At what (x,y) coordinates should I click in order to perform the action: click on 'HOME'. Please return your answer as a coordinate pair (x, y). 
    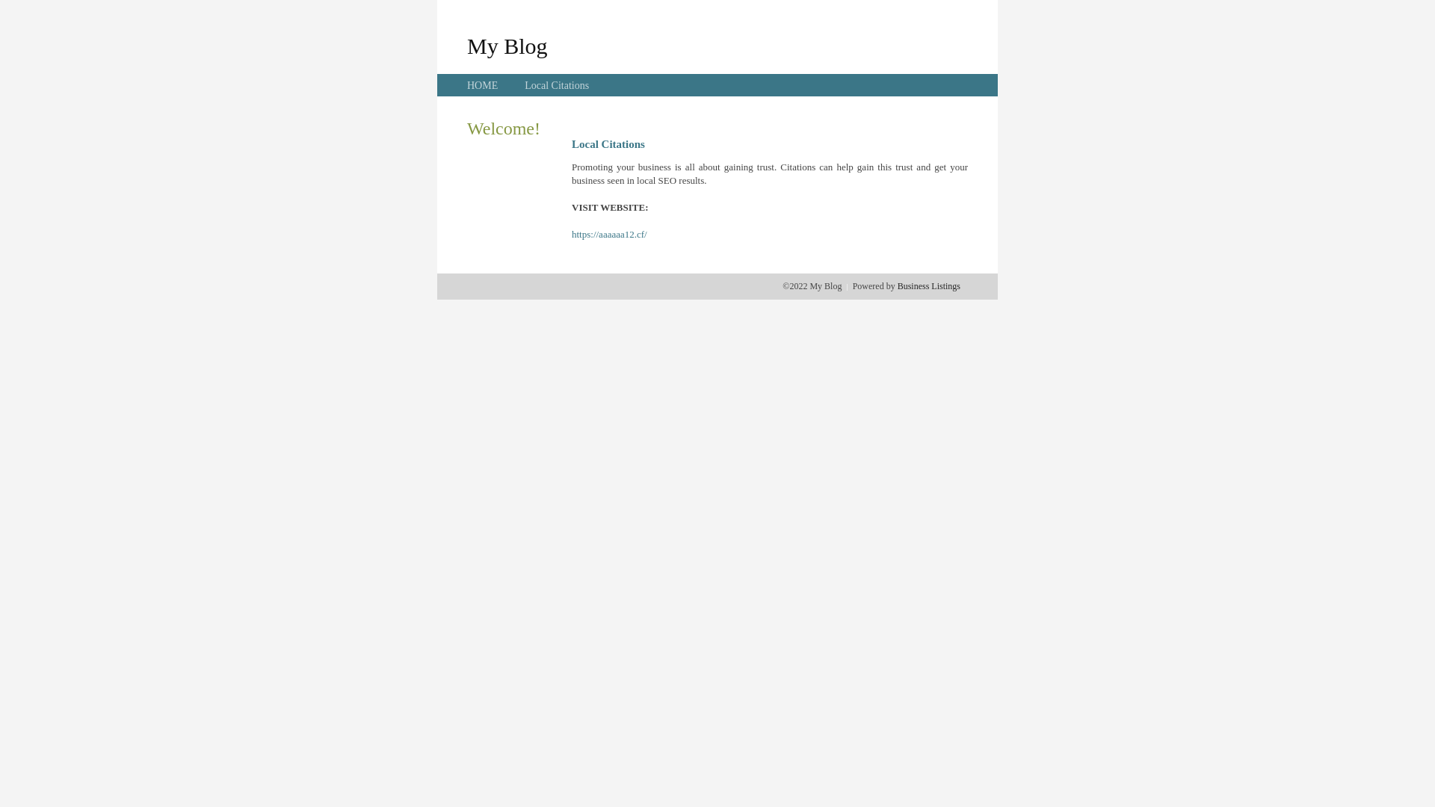
    Looking at the image, I should click on (482, 85).